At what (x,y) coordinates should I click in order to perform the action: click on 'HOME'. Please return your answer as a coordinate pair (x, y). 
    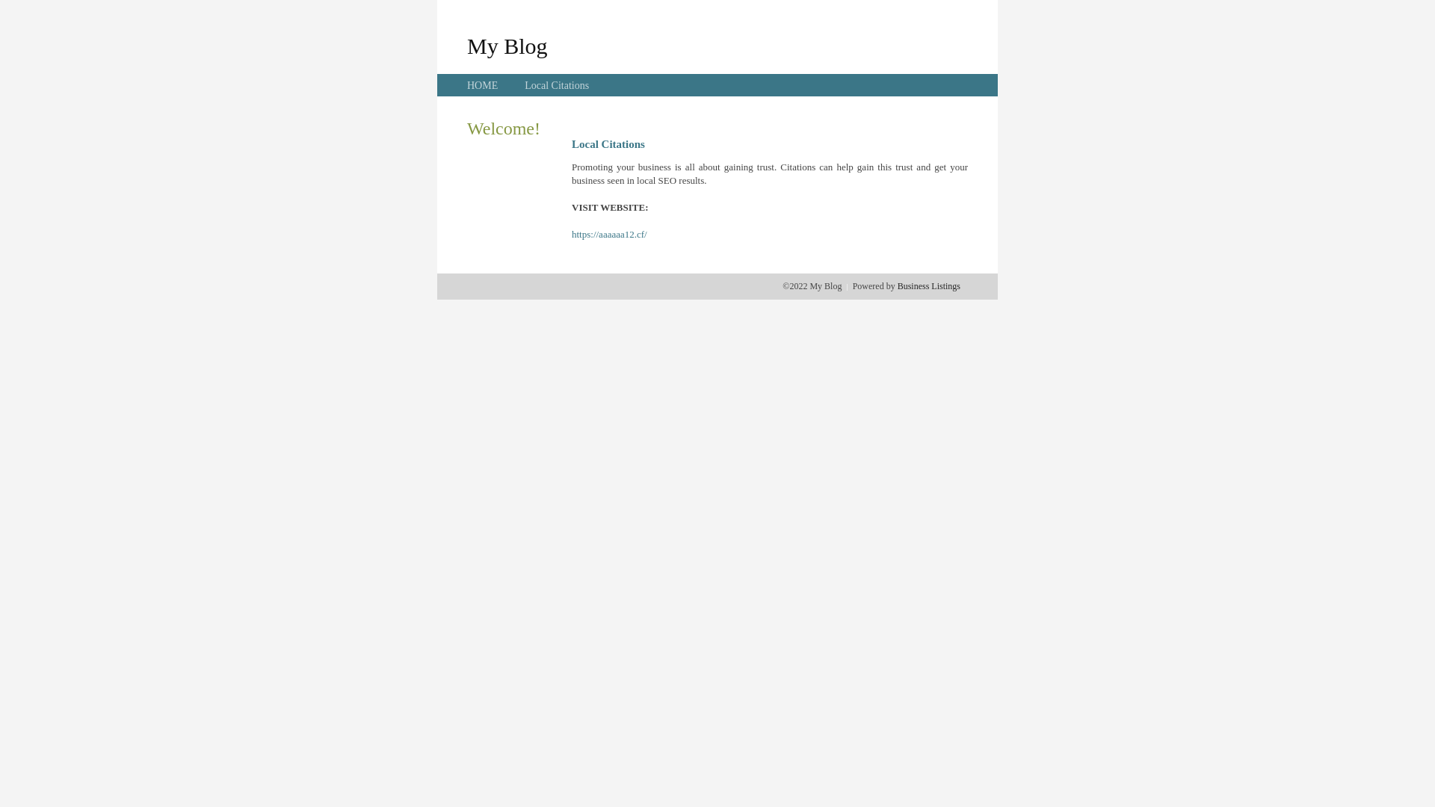
    Looking at the image, I should click on (482, 85).